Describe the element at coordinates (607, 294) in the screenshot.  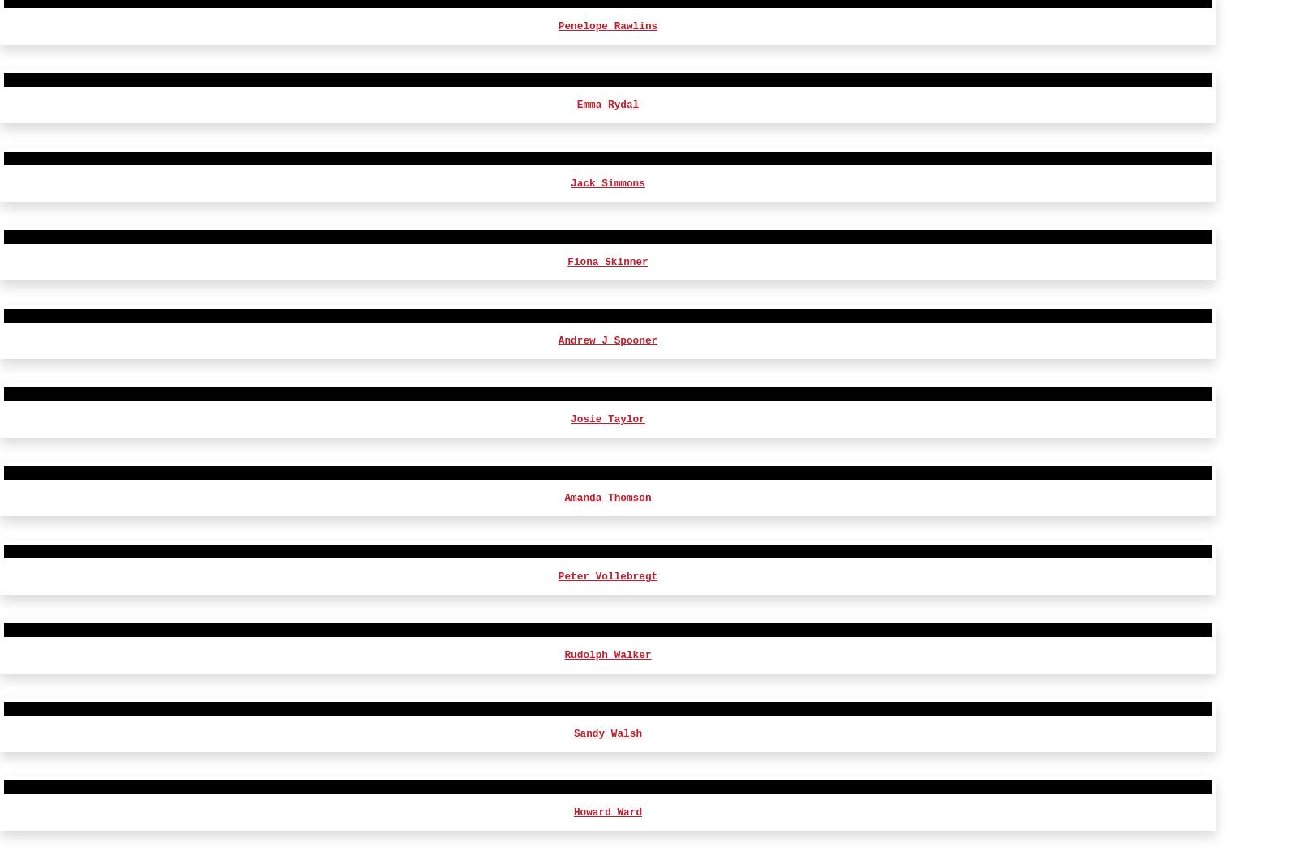
I see `'Zehra Jane Naqvi'` at that location.